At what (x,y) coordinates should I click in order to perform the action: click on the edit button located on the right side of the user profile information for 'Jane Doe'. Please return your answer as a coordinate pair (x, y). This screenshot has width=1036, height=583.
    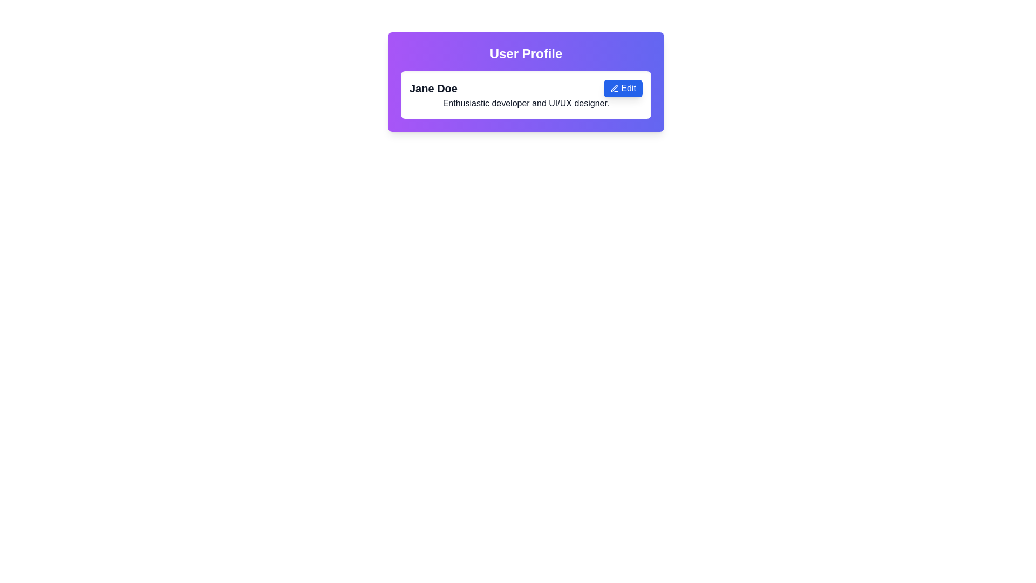
    Looking at the image, I should click on (623, 88).